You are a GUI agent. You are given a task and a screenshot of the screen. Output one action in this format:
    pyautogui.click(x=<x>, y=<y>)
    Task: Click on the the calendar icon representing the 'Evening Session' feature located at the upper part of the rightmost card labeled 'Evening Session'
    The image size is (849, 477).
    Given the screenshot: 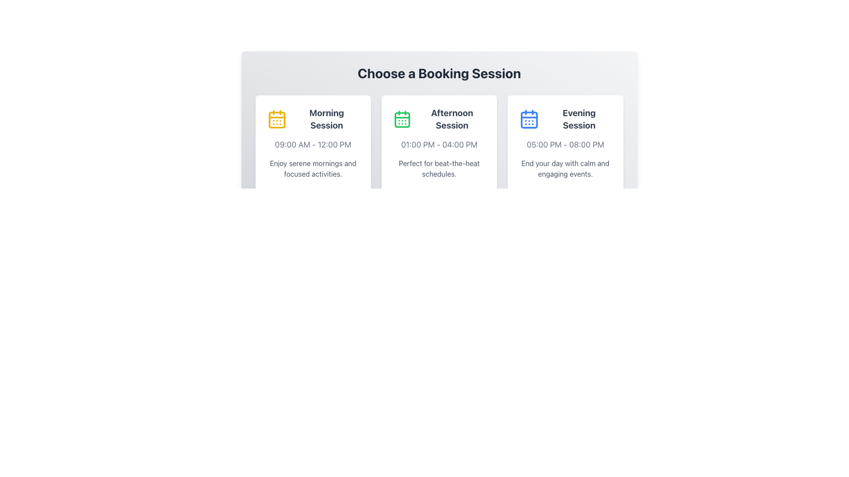 What is the action you would take?
    pyautogui.click(x=529, y=119)
    